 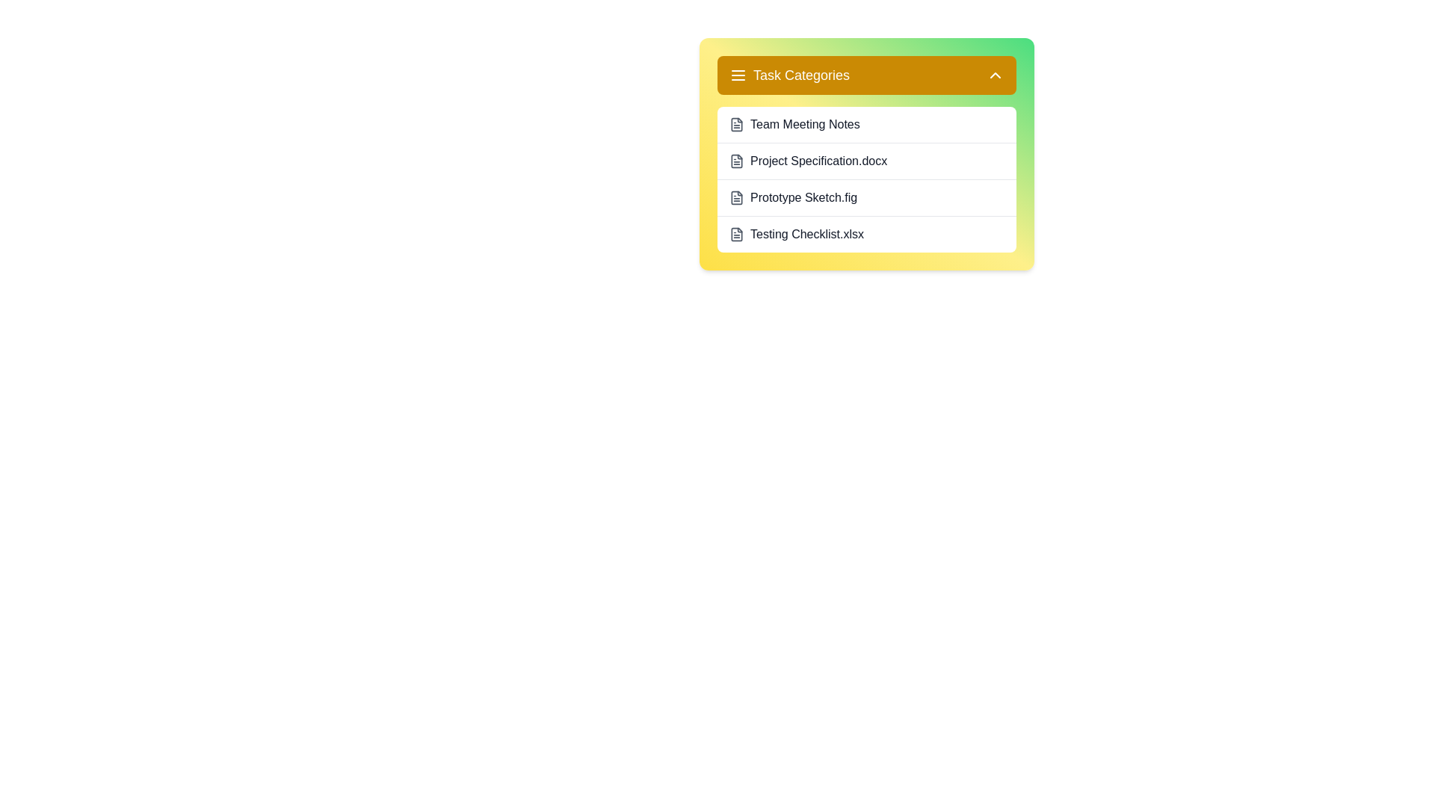 What do you see at coordinates (867, 197) in the screenshot?
I see `the task Prototype Sketch.fig to highlight it` at bounding box center [867, 197].